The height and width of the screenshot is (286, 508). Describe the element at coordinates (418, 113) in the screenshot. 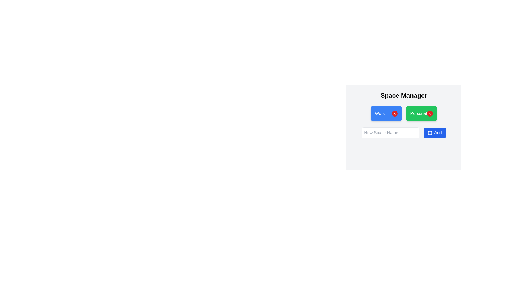

I see `the text identifier that visually indicates the 'Personal' category within the green button-like group` at that location.